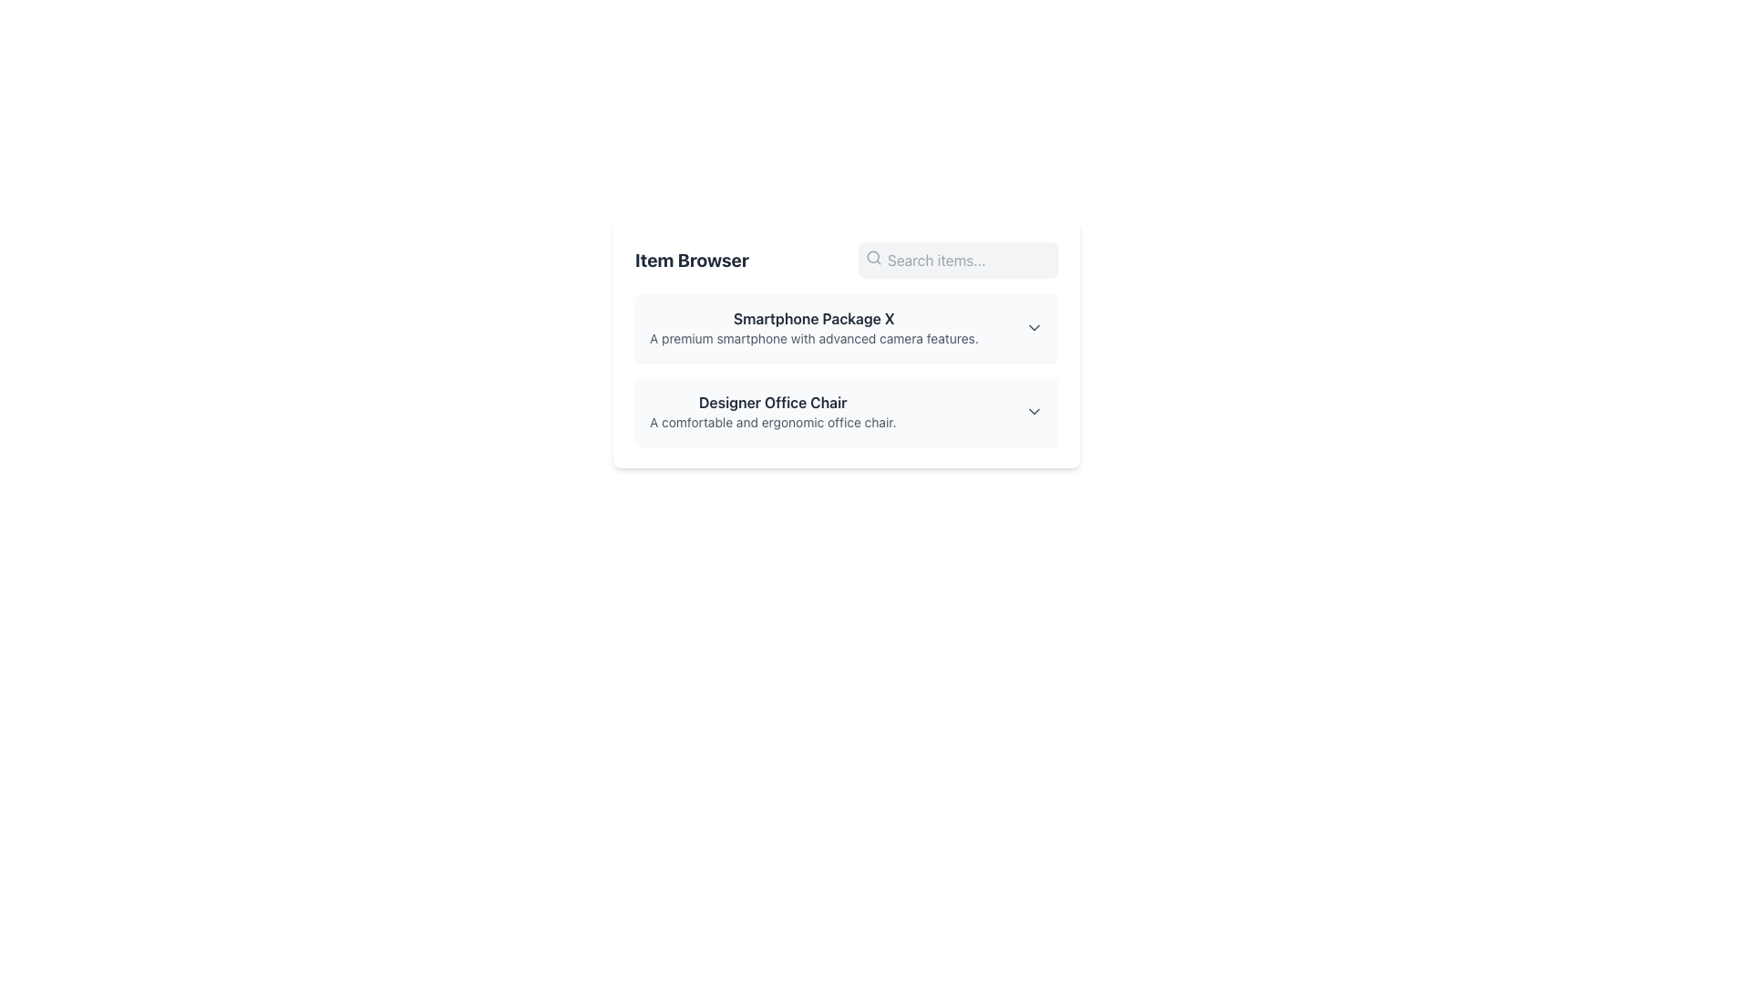  I want to click on the text input field for searching items, which is located in the top-right corner of the 'Item Browser' header section and features a magnifying glass icon, so click(957, 260).